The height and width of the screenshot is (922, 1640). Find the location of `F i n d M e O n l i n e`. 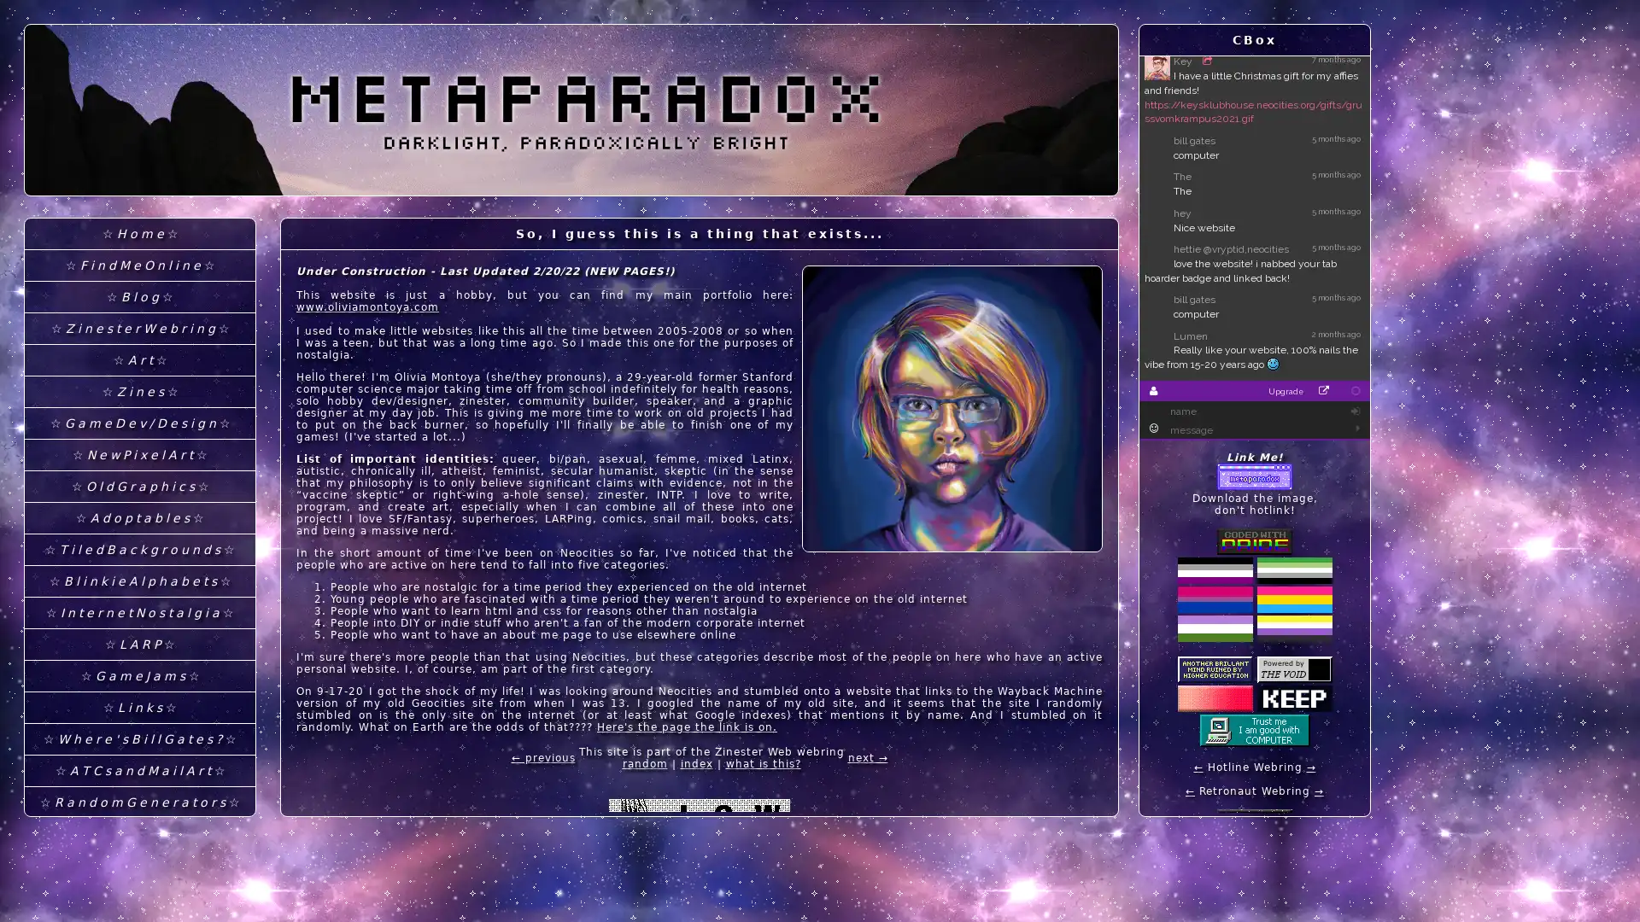

F i n d M e O n l i n e is located at coordinates (139, 266).